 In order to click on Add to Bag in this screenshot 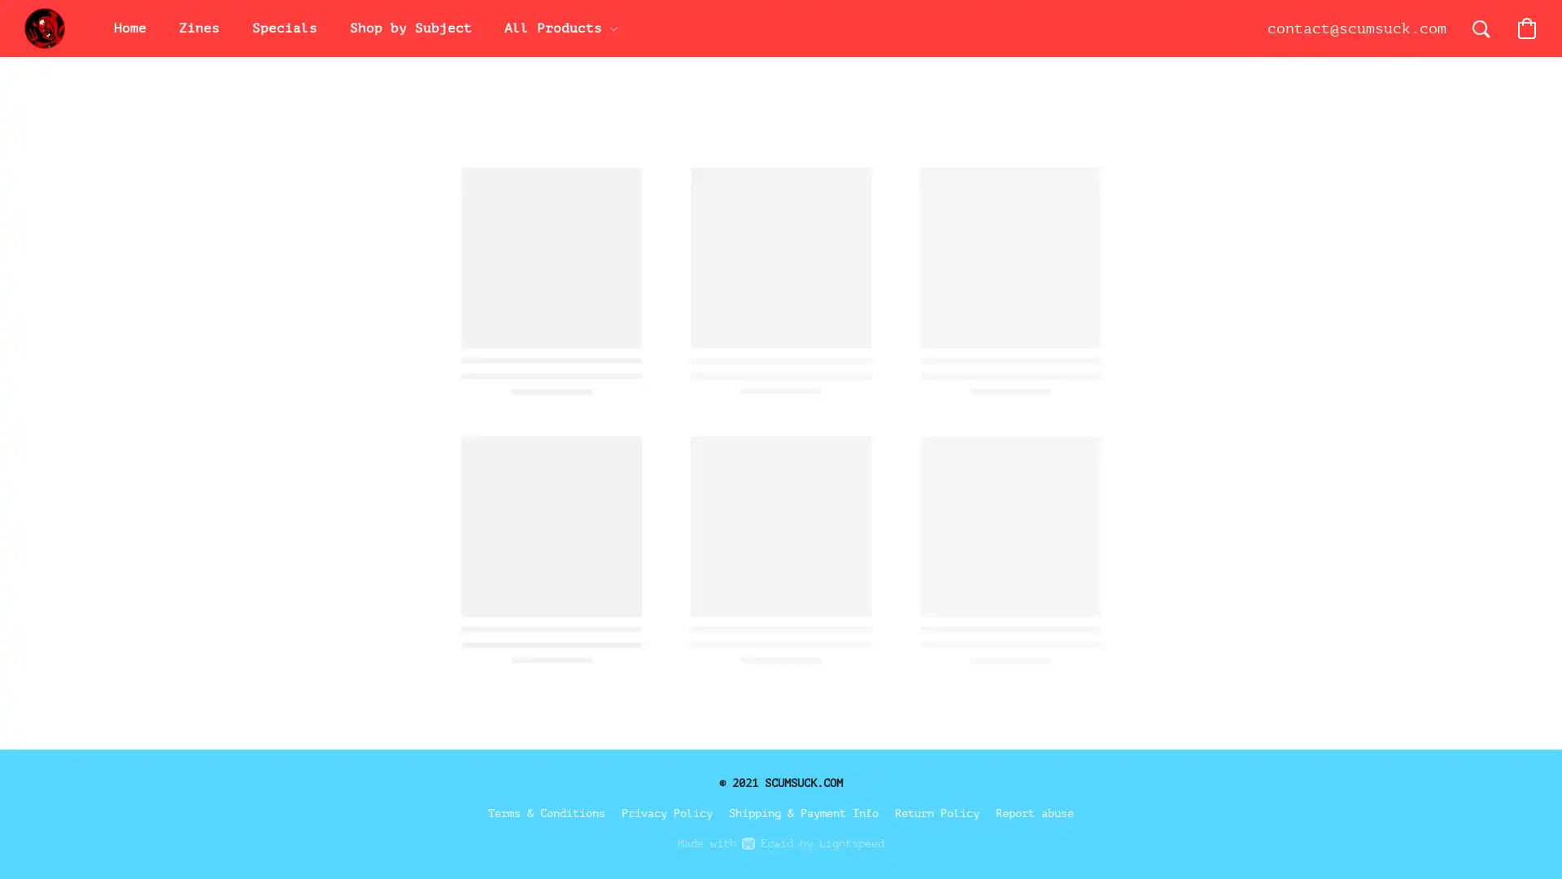, I will do `click(1066, 615)`.